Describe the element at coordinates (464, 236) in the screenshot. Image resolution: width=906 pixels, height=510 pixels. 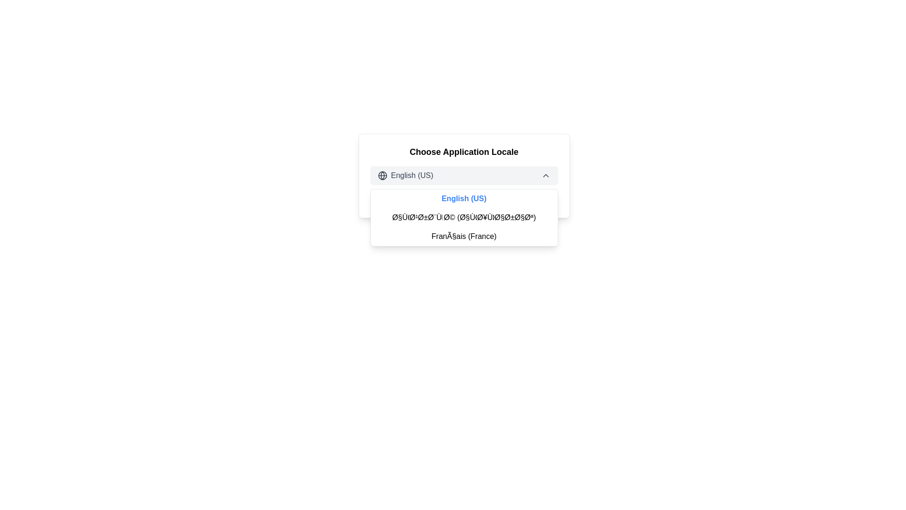
I see `the list item labeled 'Français (France)' in the dropdown menu` at that location.